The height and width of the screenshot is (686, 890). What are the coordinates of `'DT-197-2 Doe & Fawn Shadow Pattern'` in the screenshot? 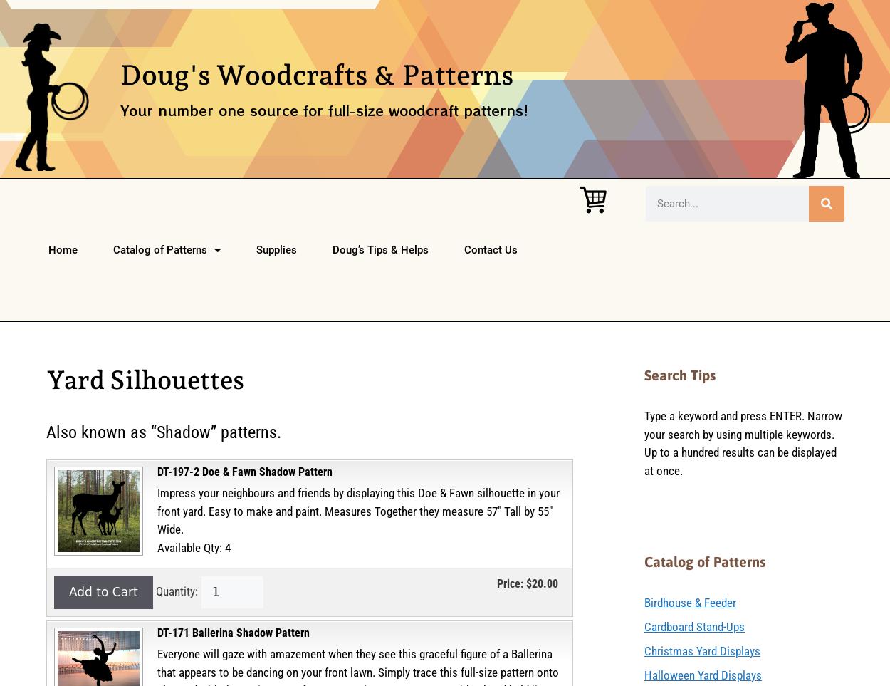 It's located at (244, 472).